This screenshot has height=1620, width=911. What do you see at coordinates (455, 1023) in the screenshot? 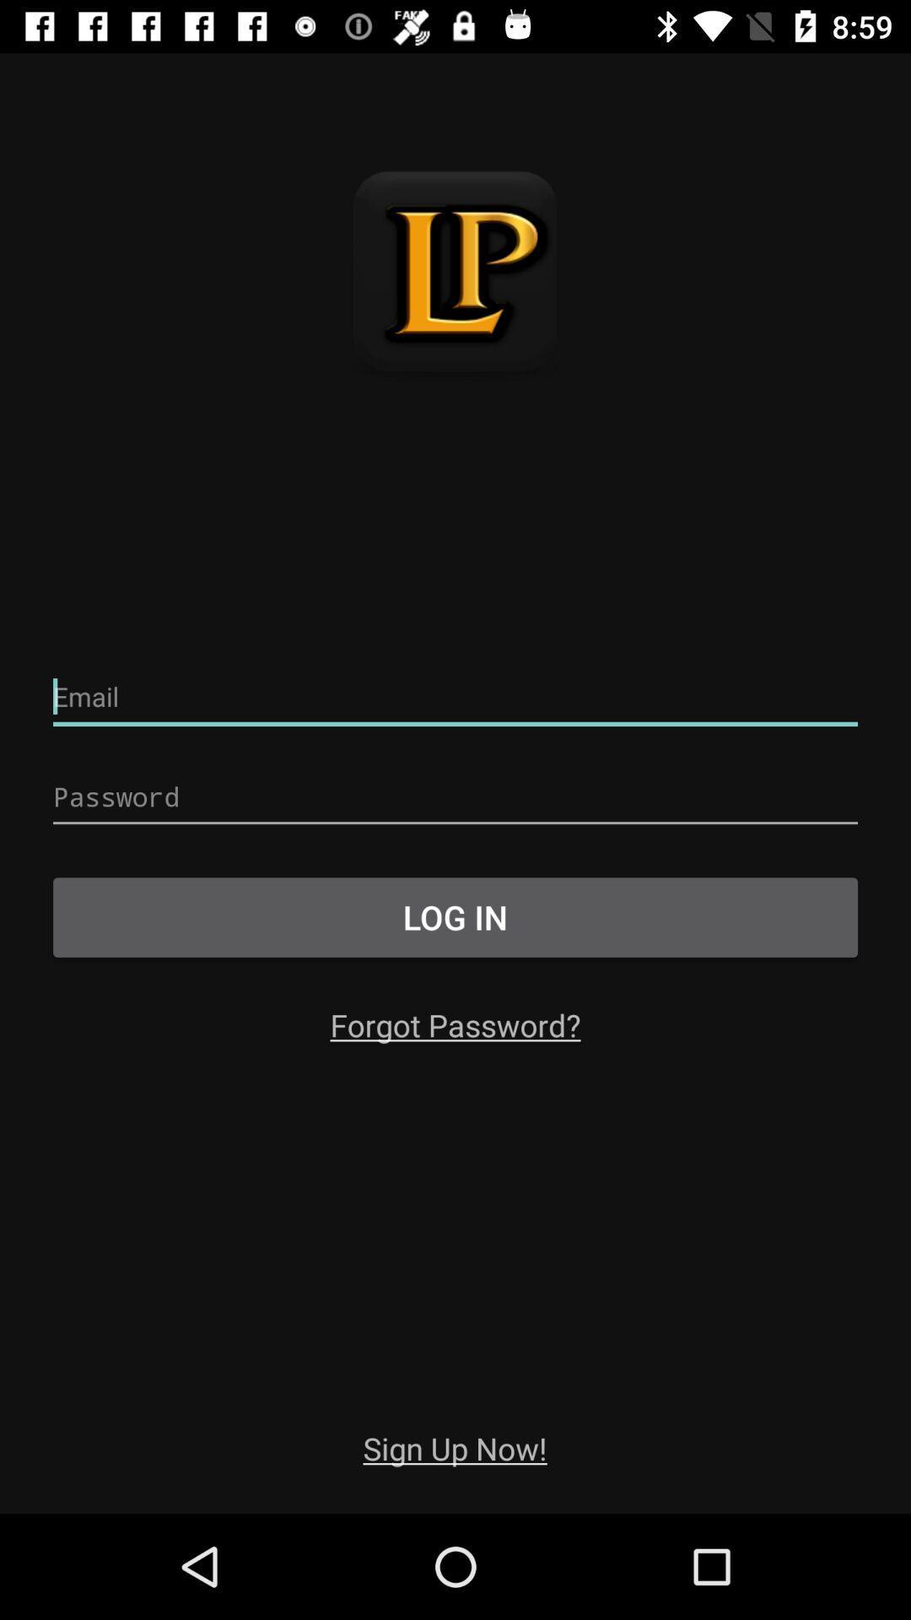
I see `the item below log in item` at bounding box center [455, 1023].